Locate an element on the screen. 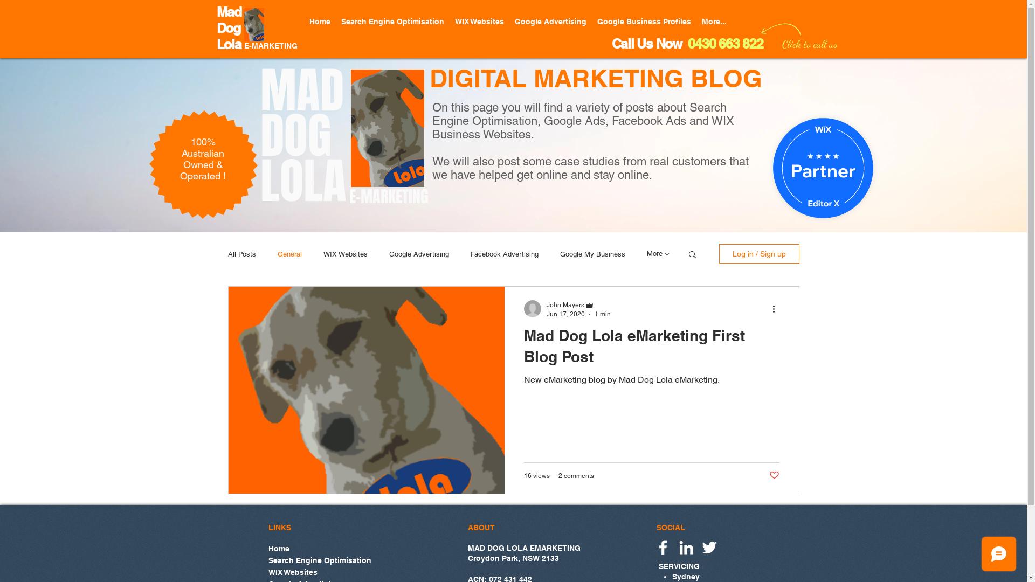 Image resolution: width=1035 pixels, height=582 pixels. 'Log in / Sign up' is located at coordinates (758, 253).